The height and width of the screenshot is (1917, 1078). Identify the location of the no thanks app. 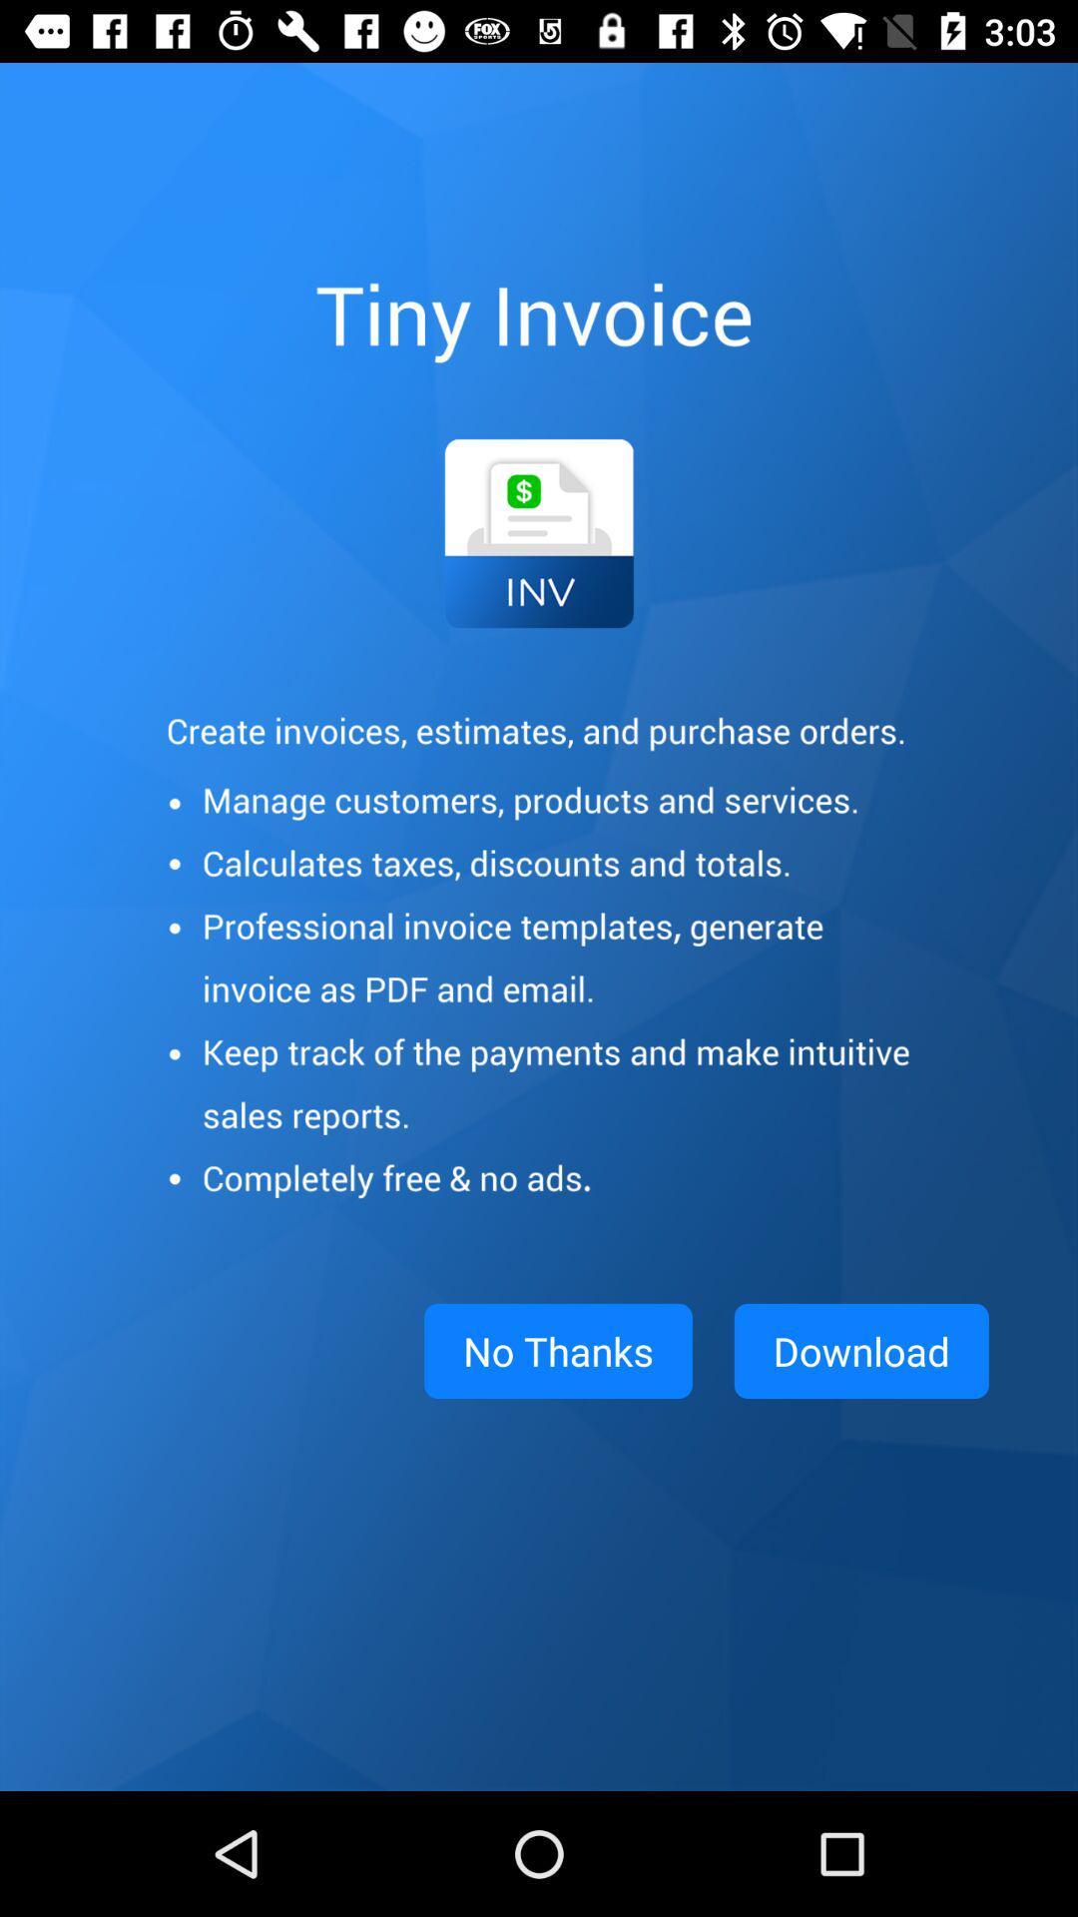
(558, 1351).